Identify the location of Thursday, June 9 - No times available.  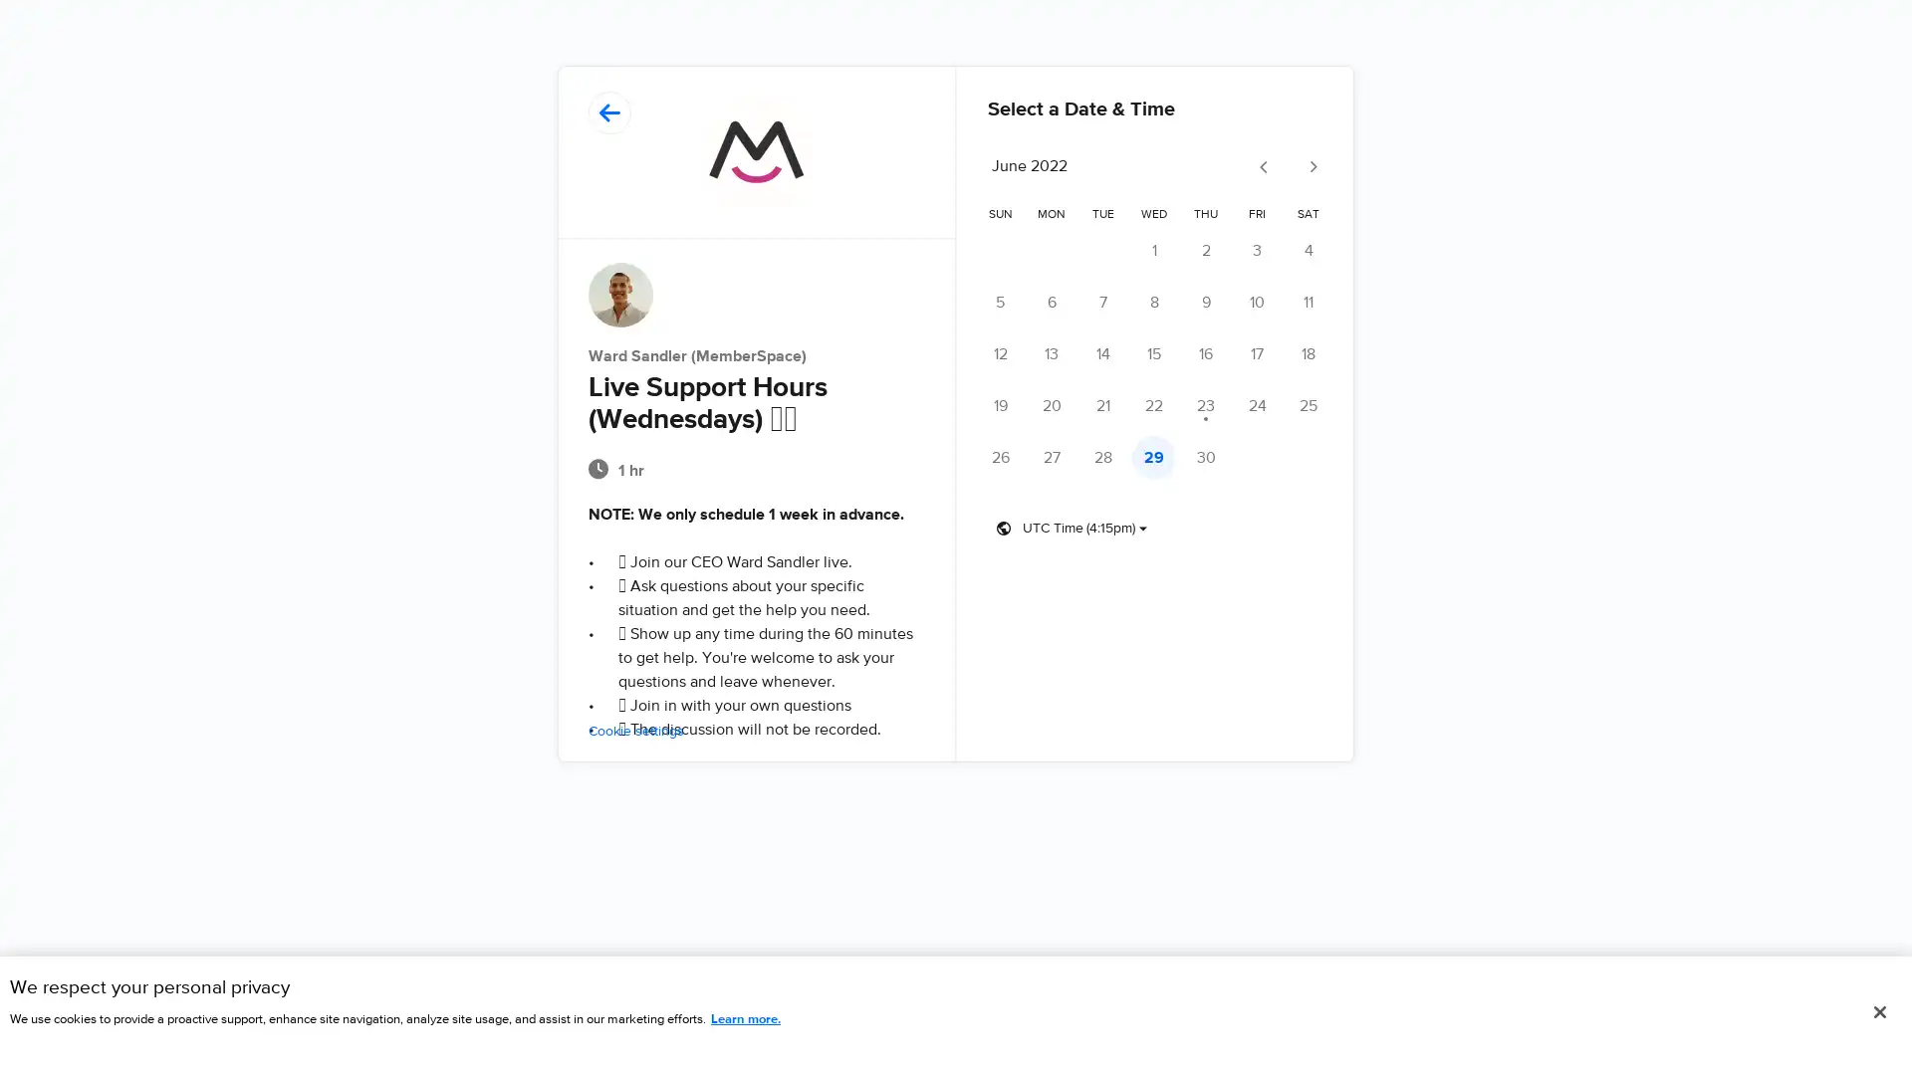
(1204, 303).